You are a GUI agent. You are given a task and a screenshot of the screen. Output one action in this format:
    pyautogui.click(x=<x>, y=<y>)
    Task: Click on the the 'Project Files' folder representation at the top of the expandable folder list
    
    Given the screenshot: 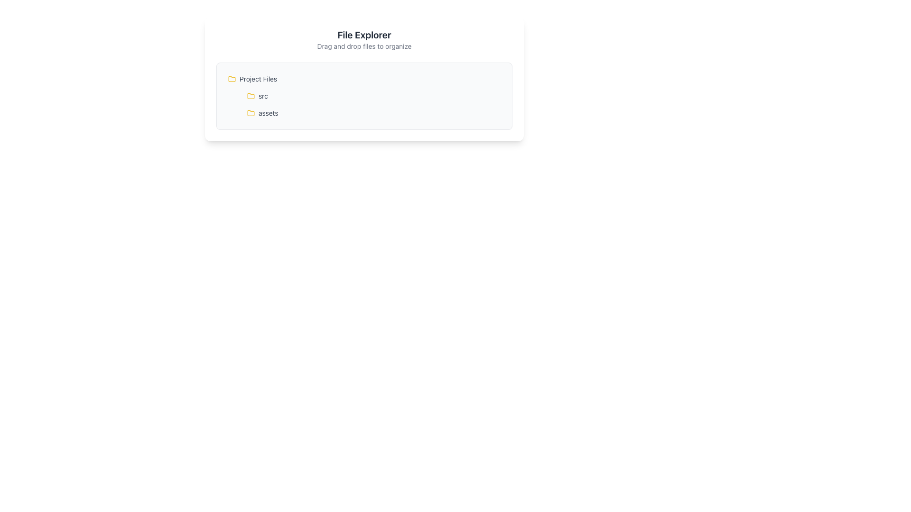 What is the action you would take?
    pyautogui.click(x=364, y=78)
    